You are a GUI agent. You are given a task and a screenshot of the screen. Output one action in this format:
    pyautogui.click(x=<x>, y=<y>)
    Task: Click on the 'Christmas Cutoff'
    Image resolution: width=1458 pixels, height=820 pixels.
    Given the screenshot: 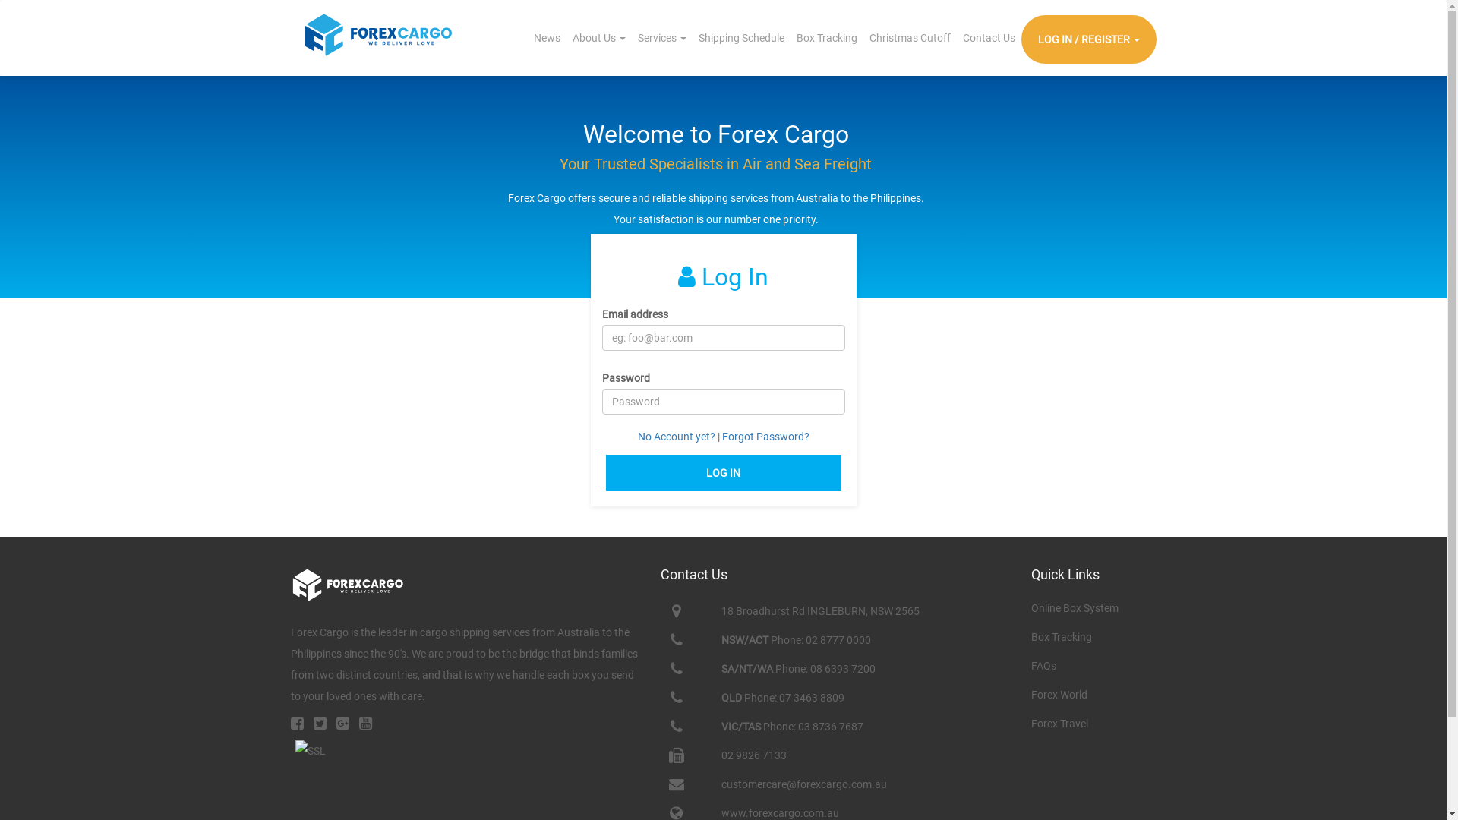 What is the action you would take?
    pyautogui.click(x=909, y=37)
    